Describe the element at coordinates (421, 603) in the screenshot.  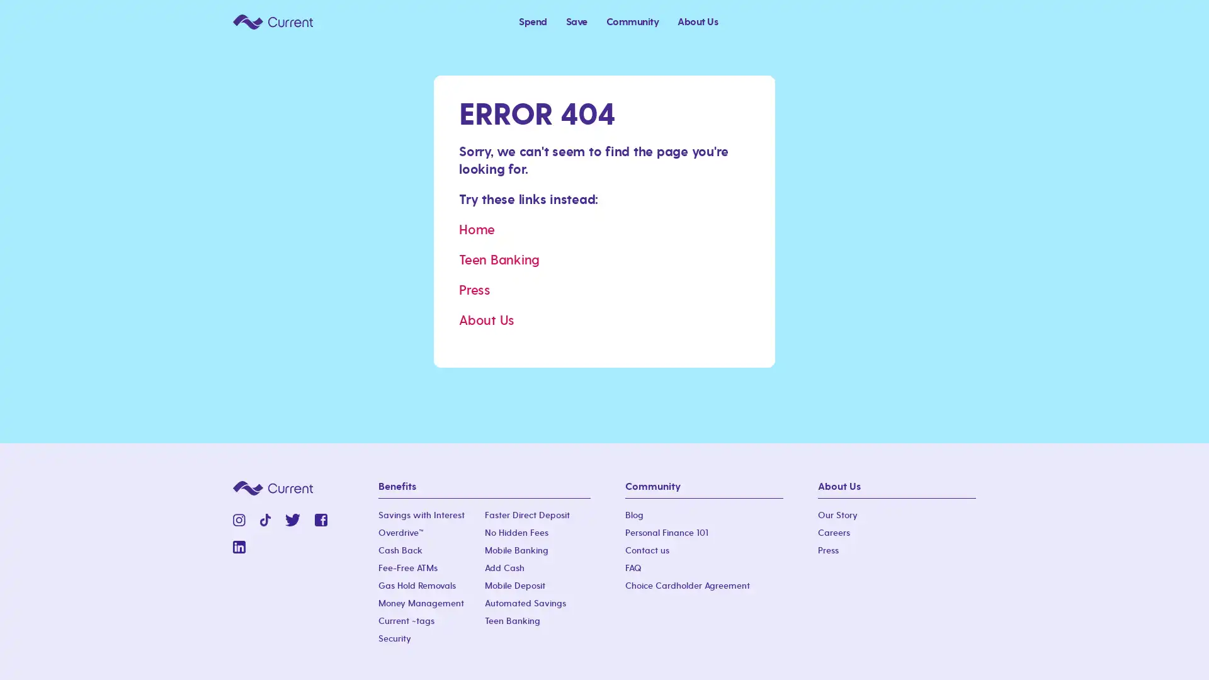
I see `Money Management` at that location.